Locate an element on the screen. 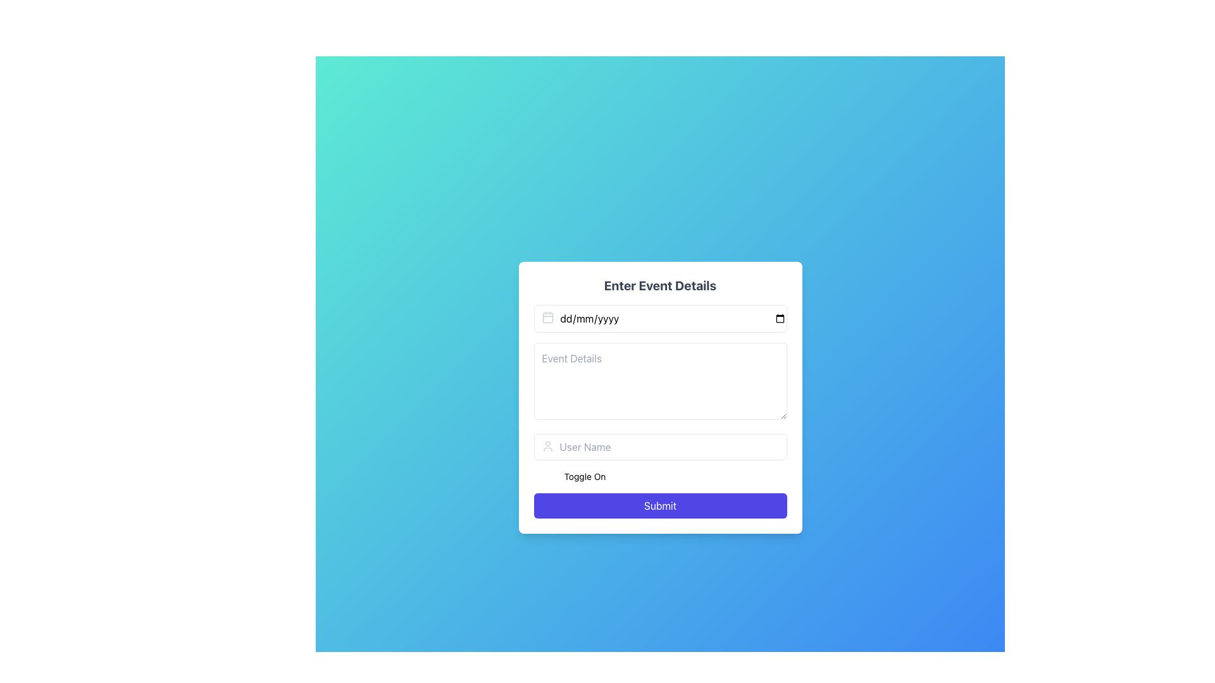  the final button located at the bottom of the modal titled 'Enter Event Details' is located at coordinates (659, 505).